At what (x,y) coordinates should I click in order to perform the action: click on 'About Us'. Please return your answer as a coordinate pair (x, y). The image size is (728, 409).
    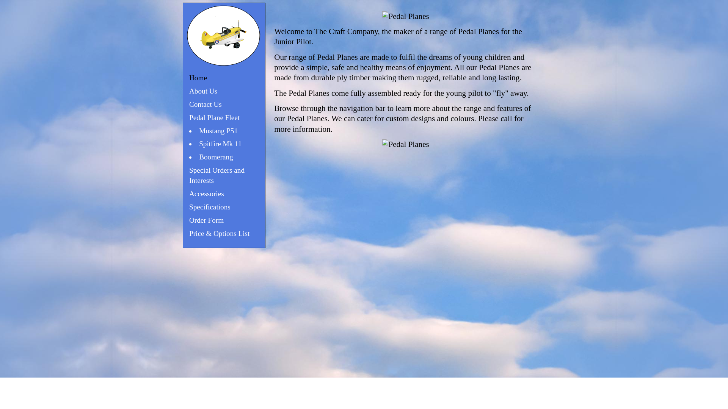
    Looking at the image, I should click on (203, 91).